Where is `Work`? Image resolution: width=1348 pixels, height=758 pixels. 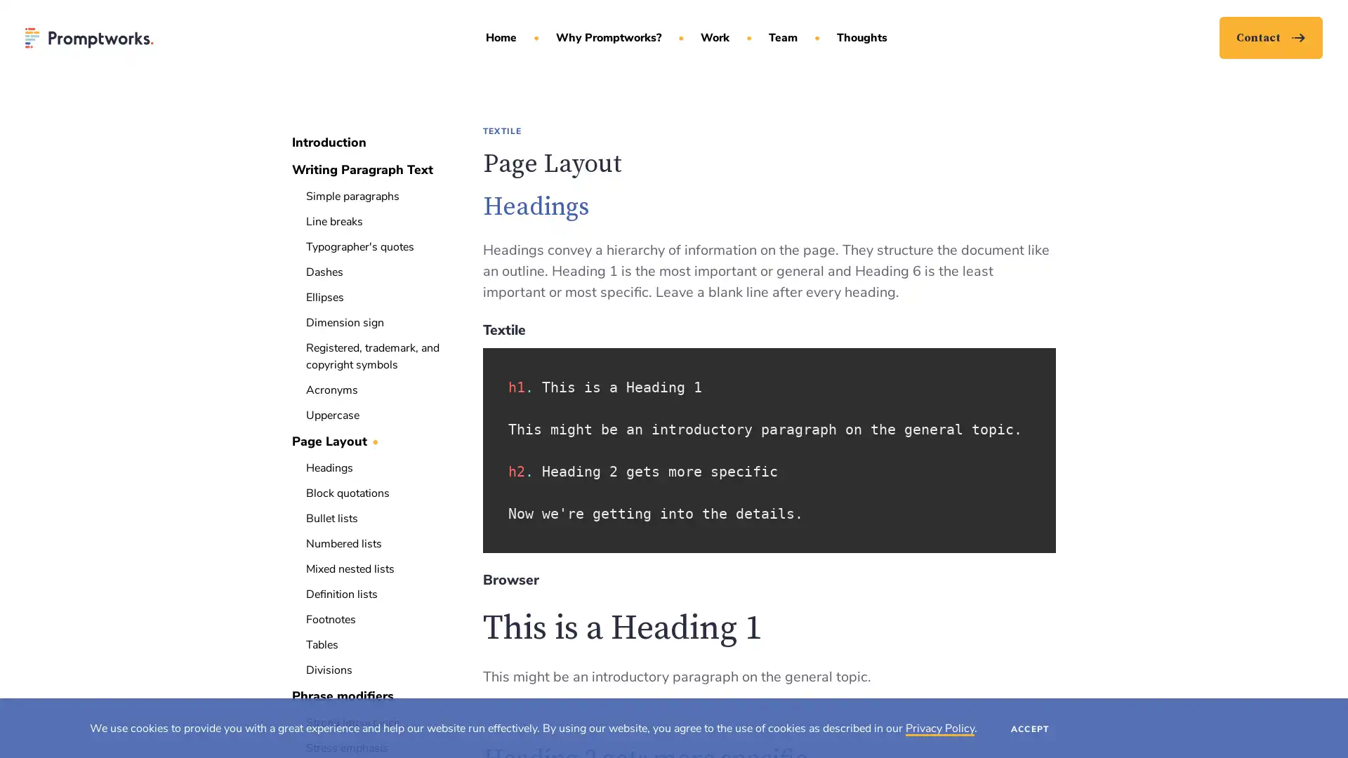 Work is located at coordinates (718, 45).